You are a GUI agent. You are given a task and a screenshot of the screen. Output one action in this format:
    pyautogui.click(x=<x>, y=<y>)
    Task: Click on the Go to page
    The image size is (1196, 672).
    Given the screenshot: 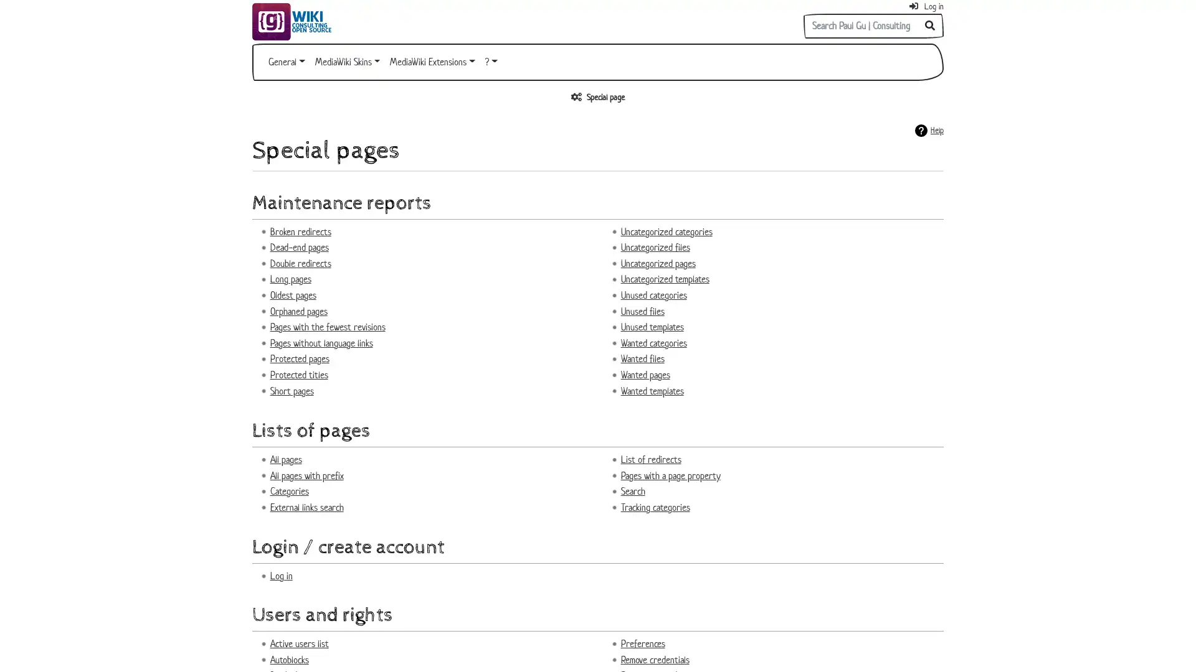 What is the action you would take?
    pyautogui.click(x=930, y=26)
    